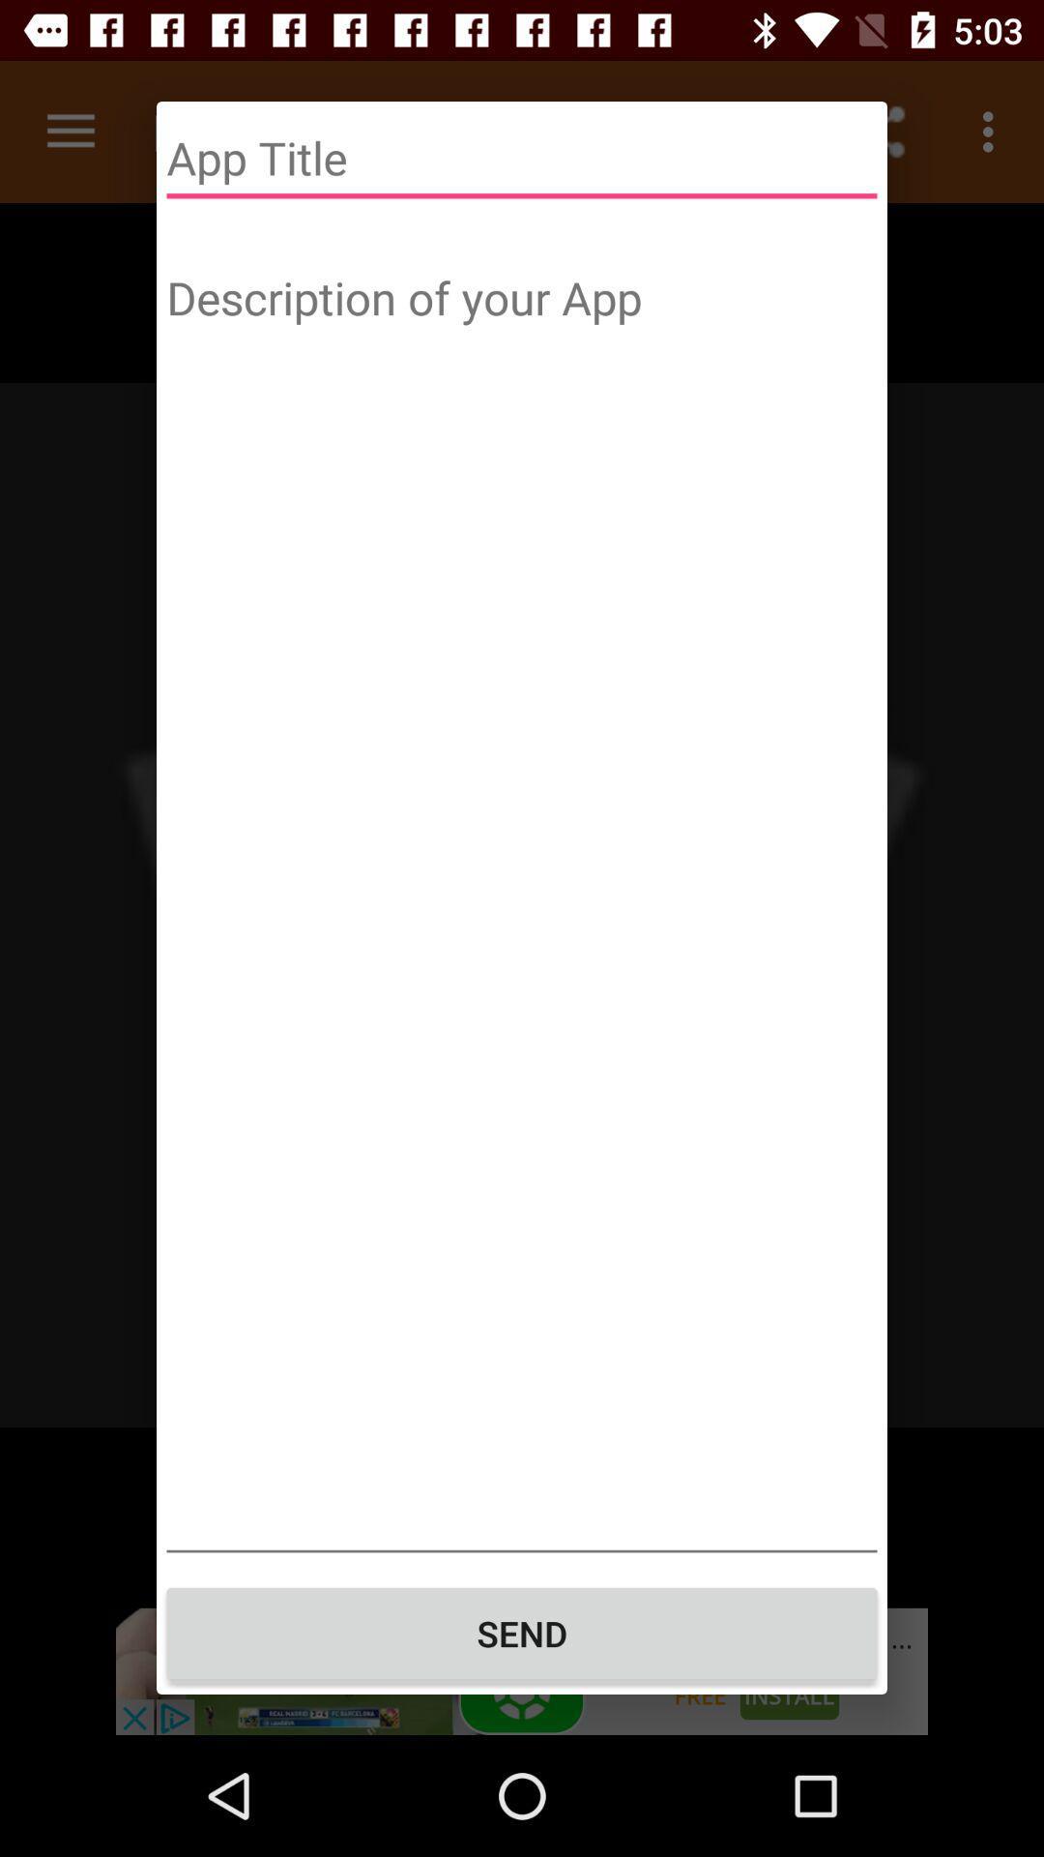 The image size is (1044, 1857). What do you see at coordinates (522, 905) in the screenshot?
I see `app description` at bounding box center [522, 905].